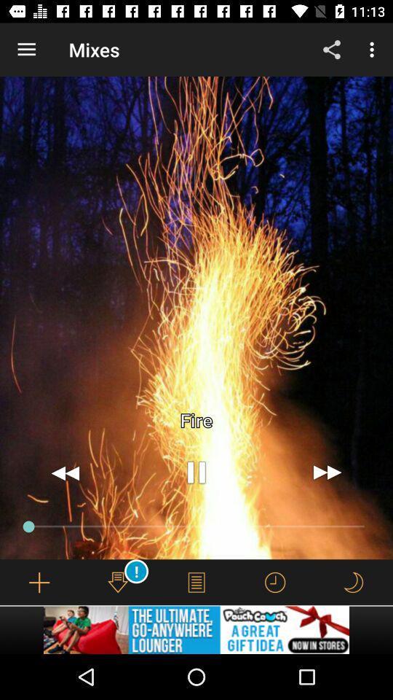  I want to click on the menu icon, so click(196, 582).